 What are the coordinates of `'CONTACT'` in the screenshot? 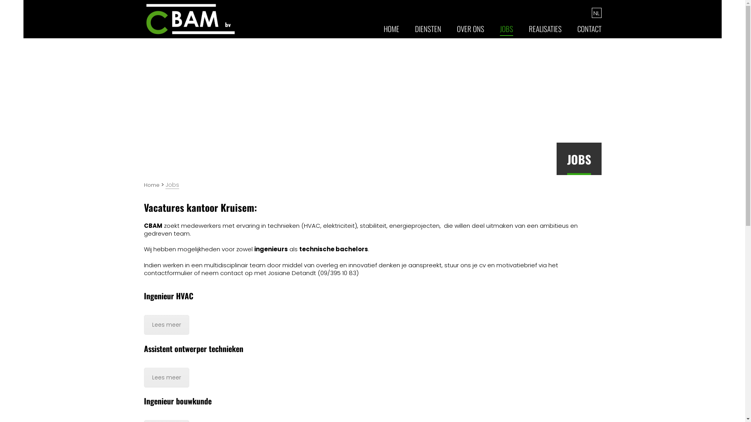 It's located at (589, 31).